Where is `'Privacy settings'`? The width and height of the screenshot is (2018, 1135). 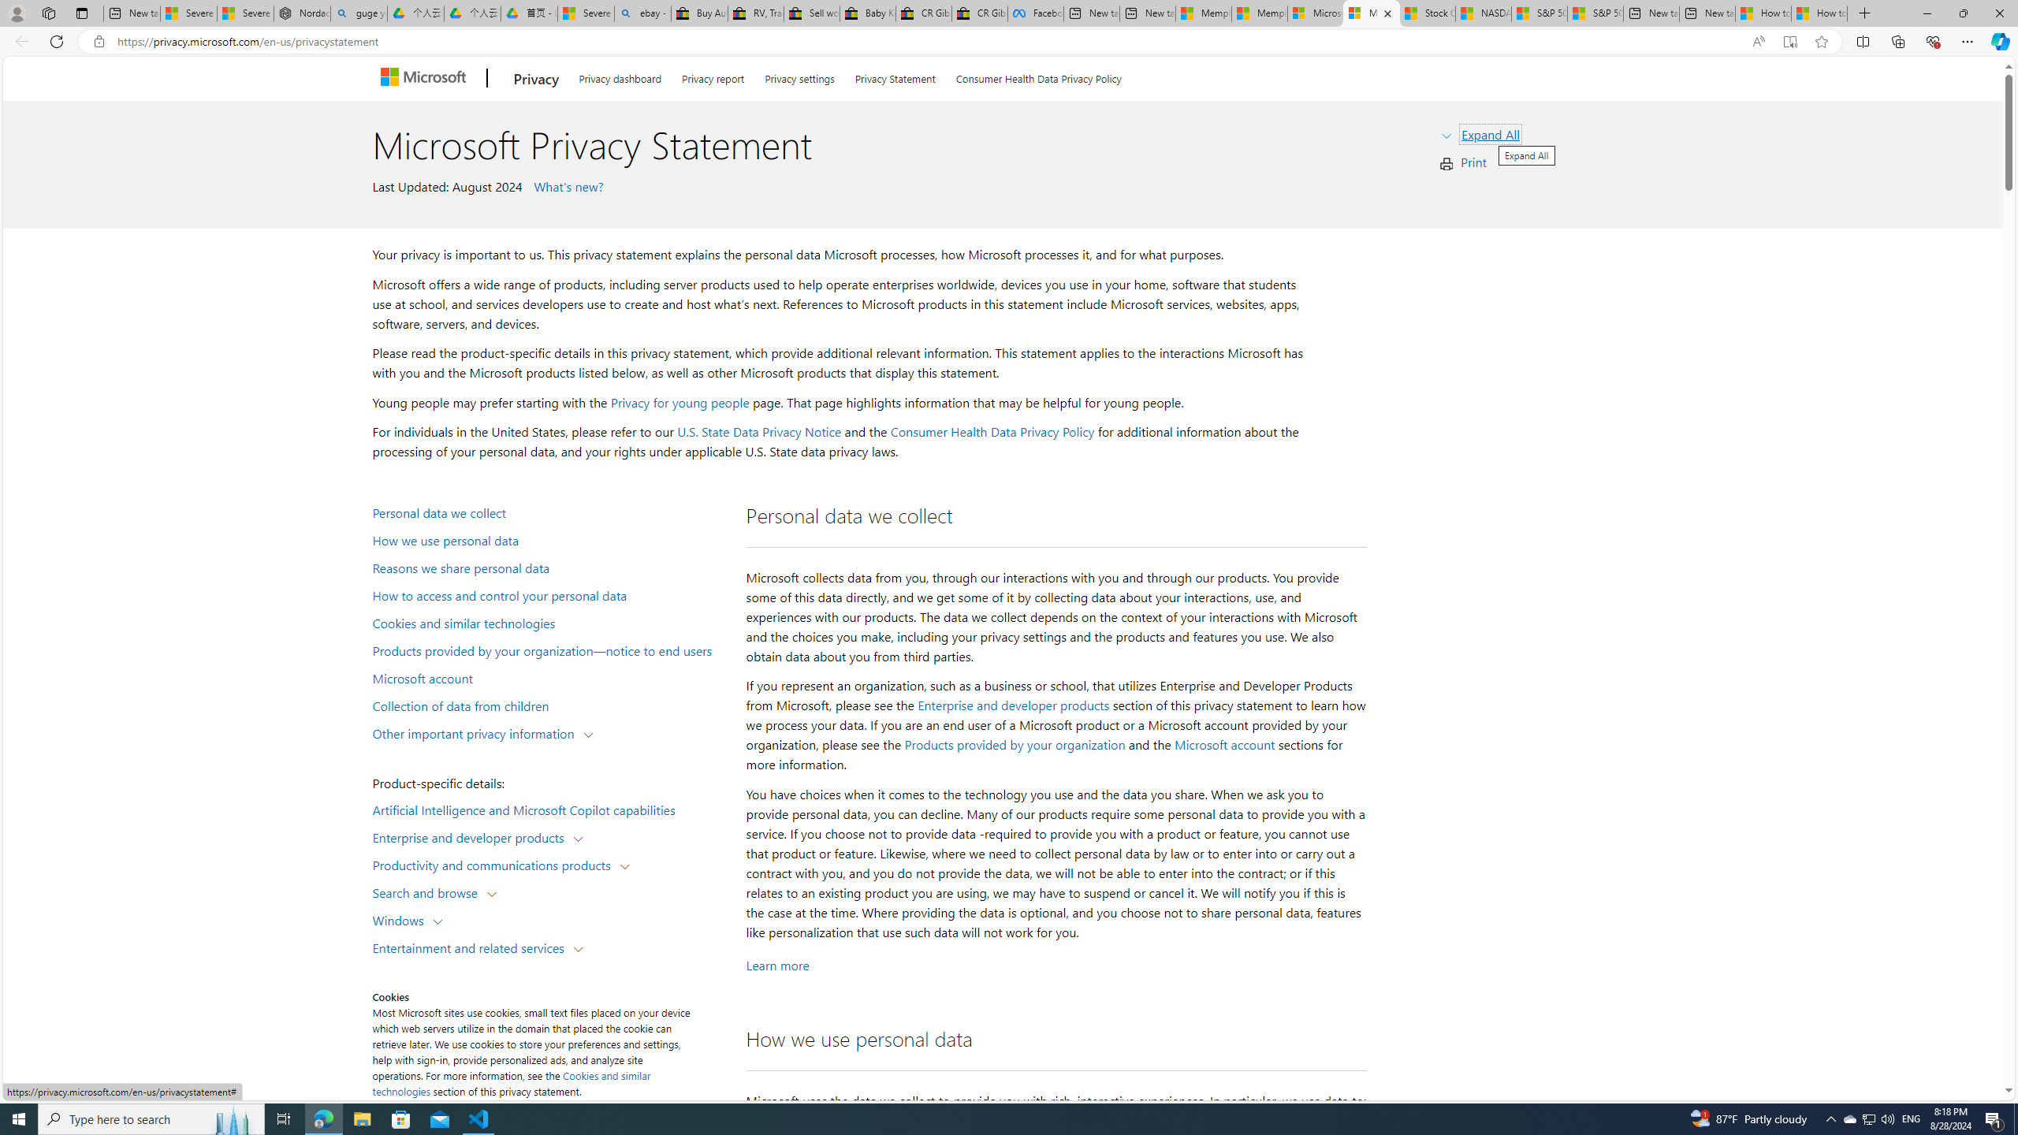 'Privacy settings' is located at coordinates (800, 75).